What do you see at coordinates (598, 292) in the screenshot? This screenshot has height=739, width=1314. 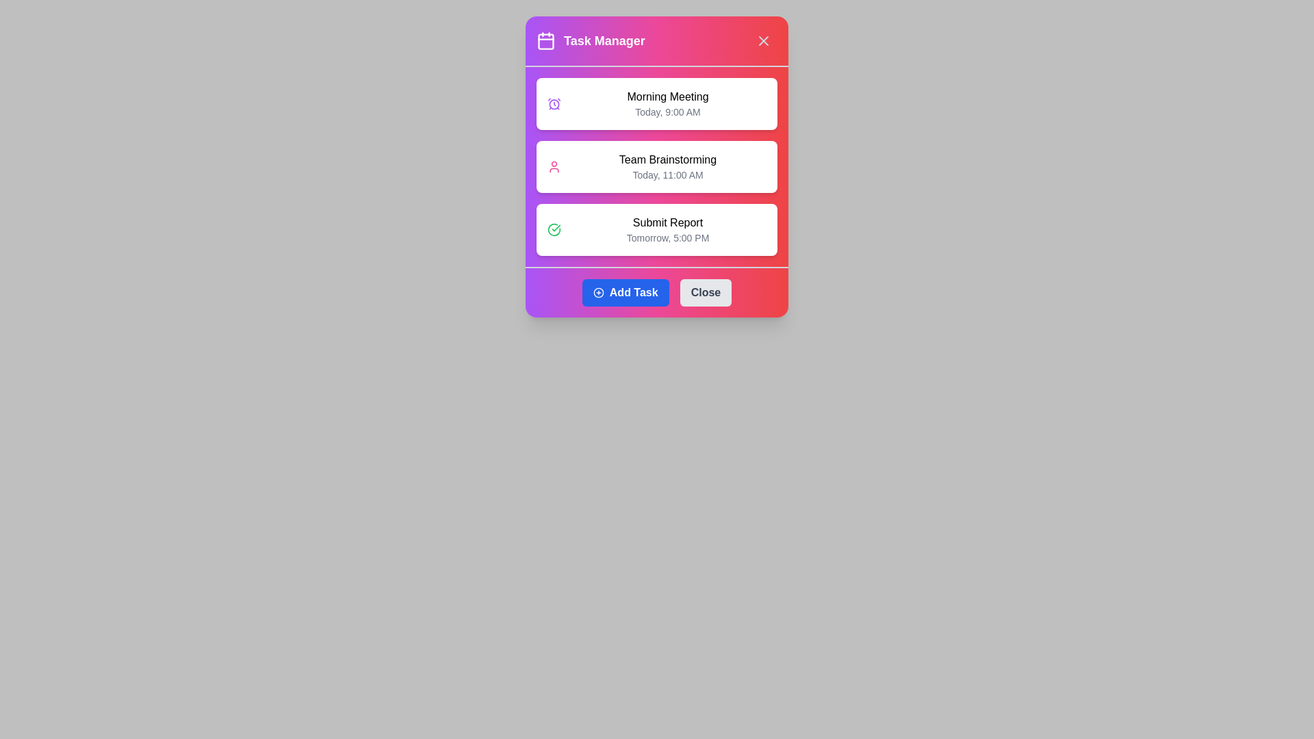 I see `the '+' sign icon within the 'Add Task' button located at the bottom-left side of the 'Task Manager' display panel` at bounding box center [598, 292].